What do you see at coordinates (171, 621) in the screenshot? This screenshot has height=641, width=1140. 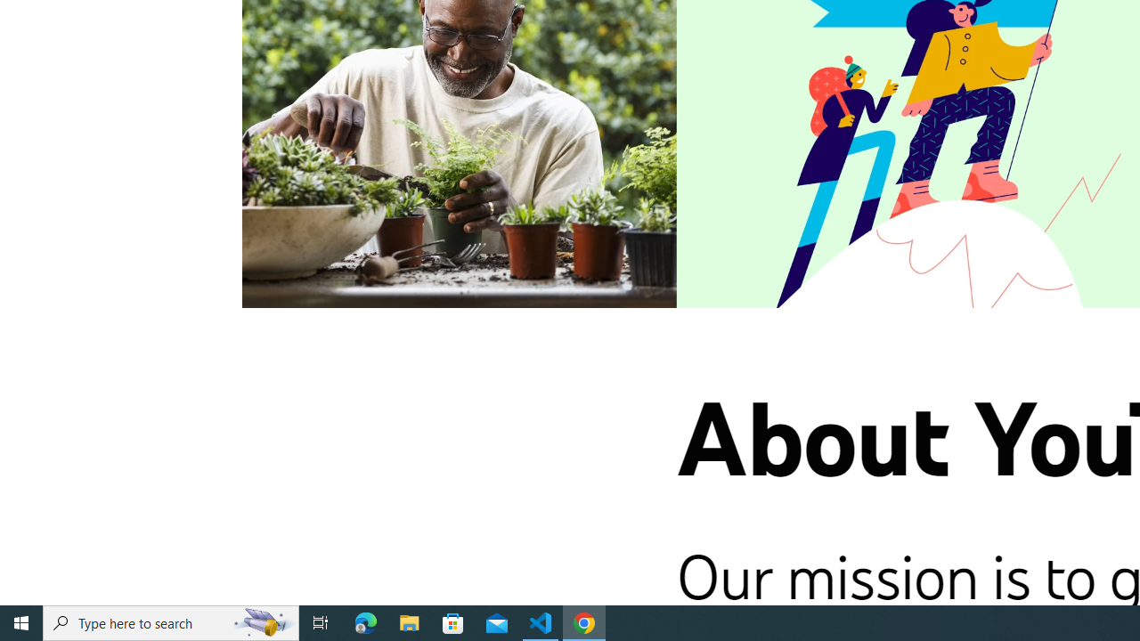 I see `'Type here to search'` at bounding box center [171, 621].